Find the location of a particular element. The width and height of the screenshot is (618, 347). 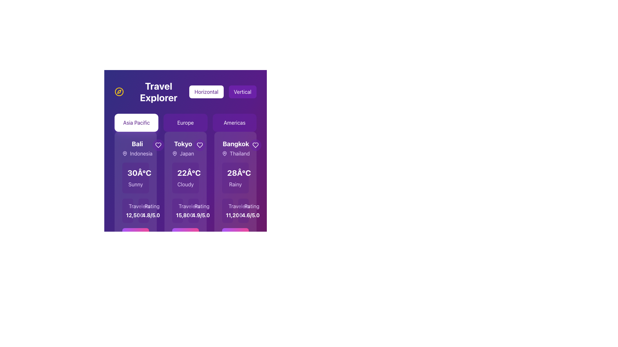

the text label that reads 'Travelers', styled with a purple hue, located in the bottom-left of the main interface within the 'Asia Pacific' section under the 'Bali' subsection is located at coordinates (127, 206).